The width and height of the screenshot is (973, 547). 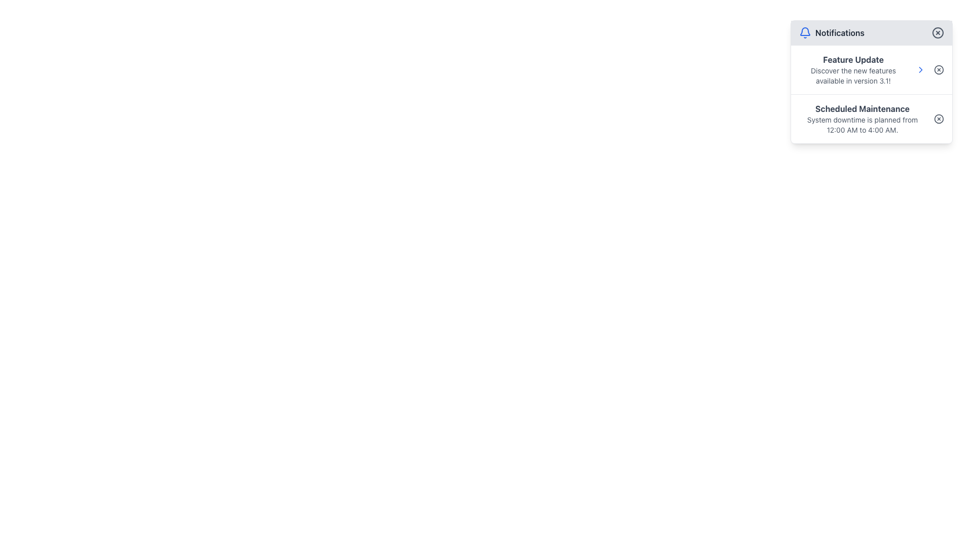 What do you see at coordinates (862, 119) in the screenshot?
I see `information displayed in the static text block titled 'Scheduled Maintenance', which includes the details about system downtime from 12:00 AM to 4:00 AM` at bounding box center [862, 119].